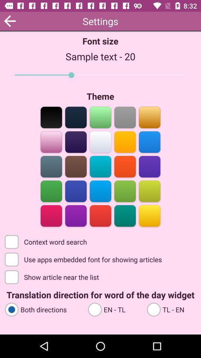 The width and height of the screenshot is (201, 358). What do you see at coordinates (51, 215) in the screenshot?
I see `theme option` at bounding box center [51, 215].